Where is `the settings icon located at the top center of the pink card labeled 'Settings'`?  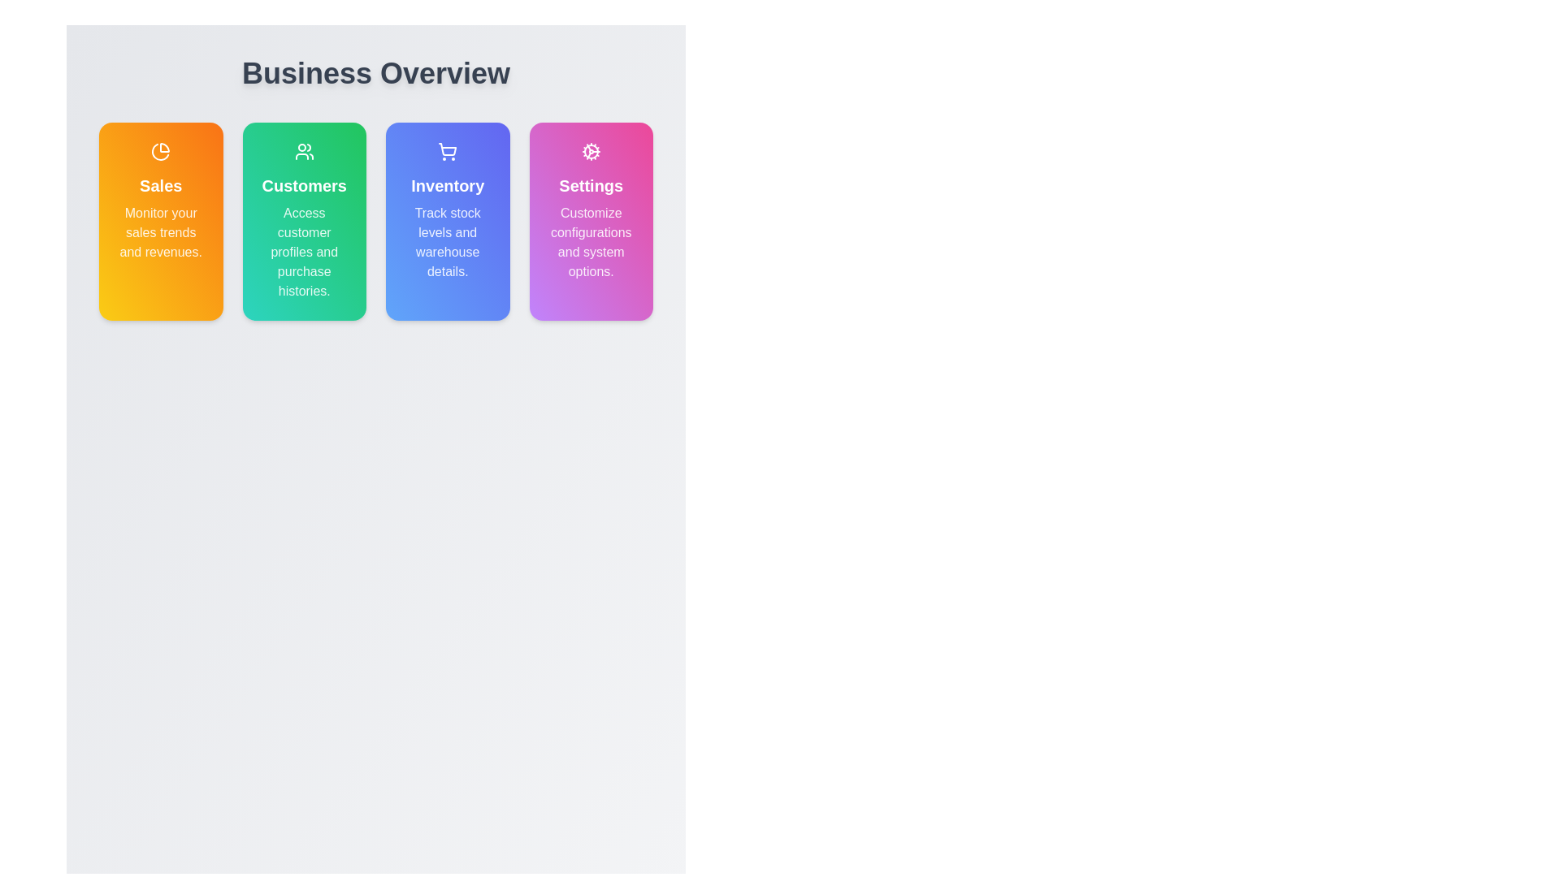 the settings icon located at the top center of the pink card labeled 'Settings' is located at coordinates (590, 151).